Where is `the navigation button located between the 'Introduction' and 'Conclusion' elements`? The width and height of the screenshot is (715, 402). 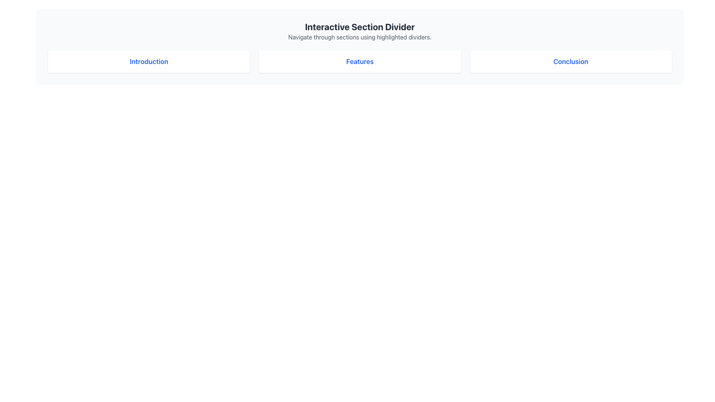
the navigation button located between the 'Introduction' and 'Conclusion' elements is located at coordinates (360, 61).